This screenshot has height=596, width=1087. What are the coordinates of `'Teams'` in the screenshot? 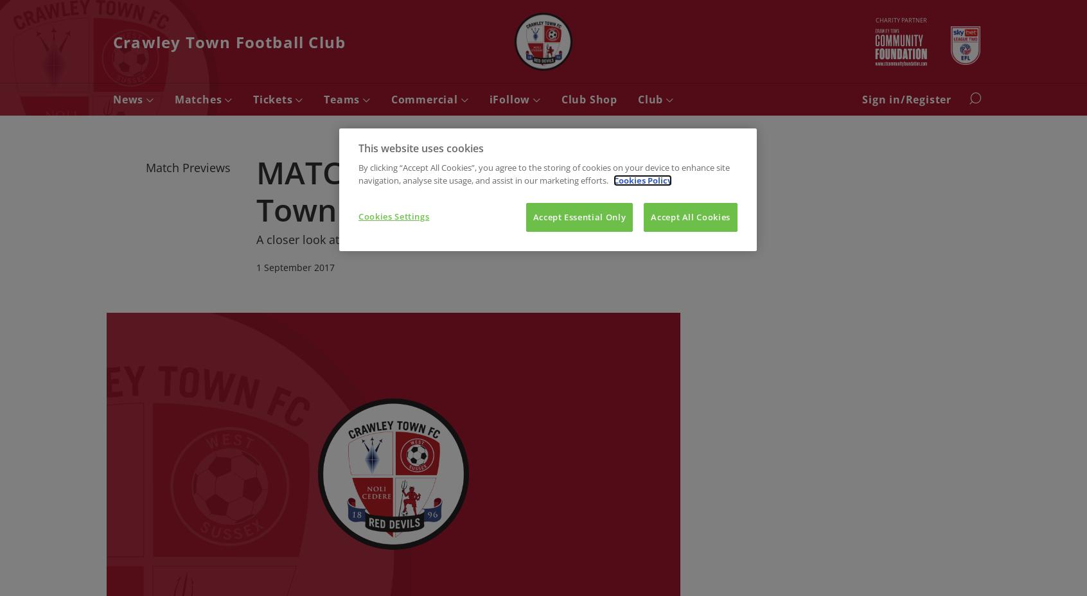 It's located at (343, 99).